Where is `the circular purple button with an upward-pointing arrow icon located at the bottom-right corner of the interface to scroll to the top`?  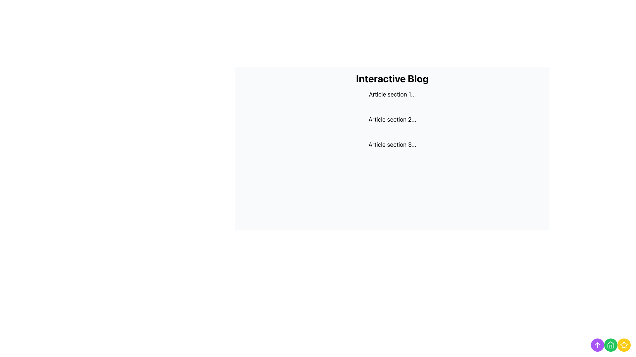 the circular purple button with an upward-pointing arrow icon located at the bottom-right corner of the interface to scroll to the top is located at coordinates (598, 345).